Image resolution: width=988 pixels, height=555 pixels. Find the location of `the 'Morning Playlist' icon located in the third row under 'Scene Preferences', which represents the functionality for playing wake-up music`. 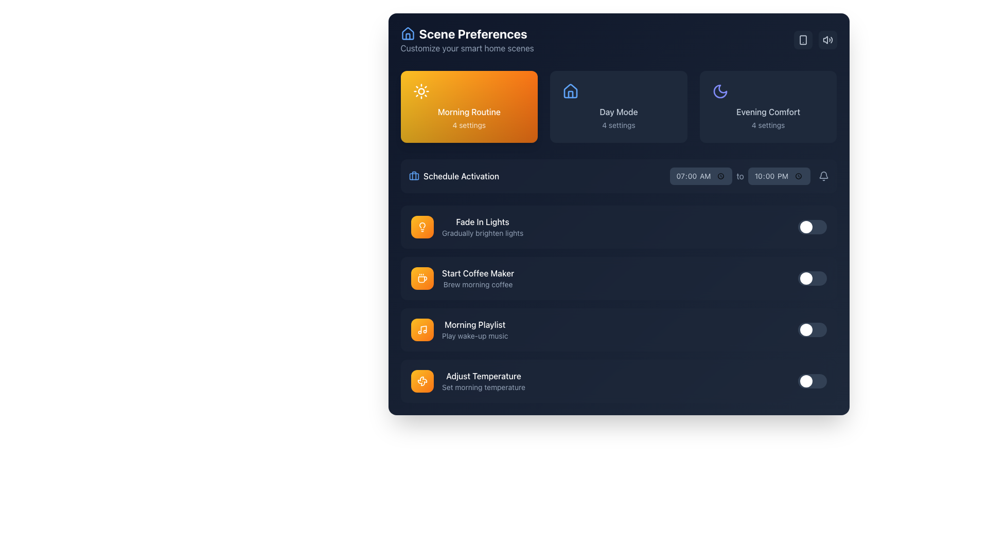

the 'Morning Playlist' icon located in the third row under 'Scene Preferences', which represents the functionality for playing wake-up music is located at coordinates (422, 329).